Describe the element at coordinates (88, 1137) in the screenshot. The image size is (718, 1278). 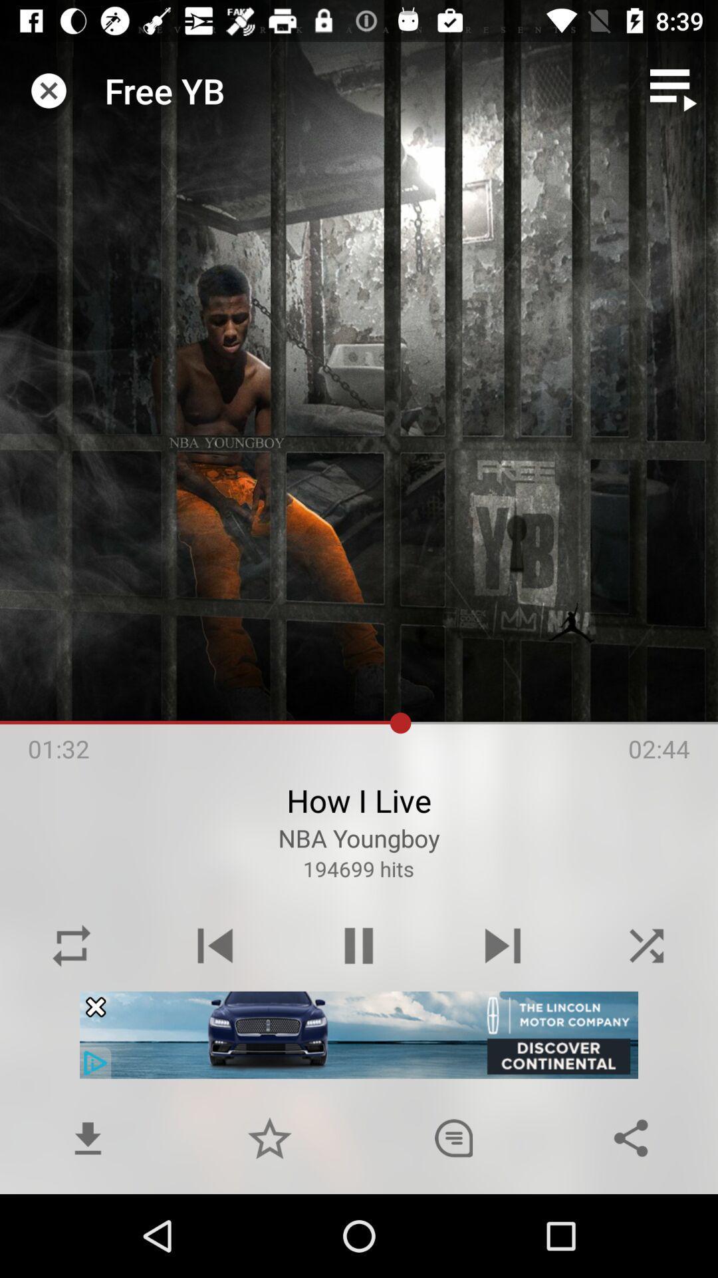
I see `the file_download icon` at that location.